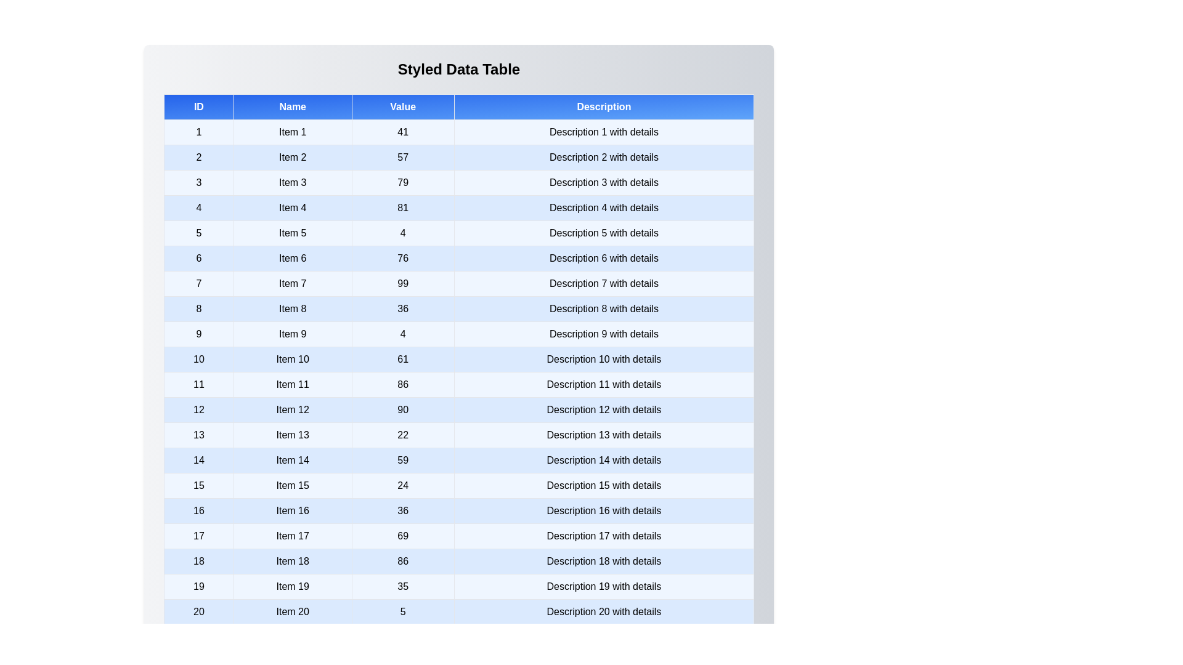 This screenshot has width=1183, height=665. I want to click on the column header Description to sort the table by that column, so click(604, 106).